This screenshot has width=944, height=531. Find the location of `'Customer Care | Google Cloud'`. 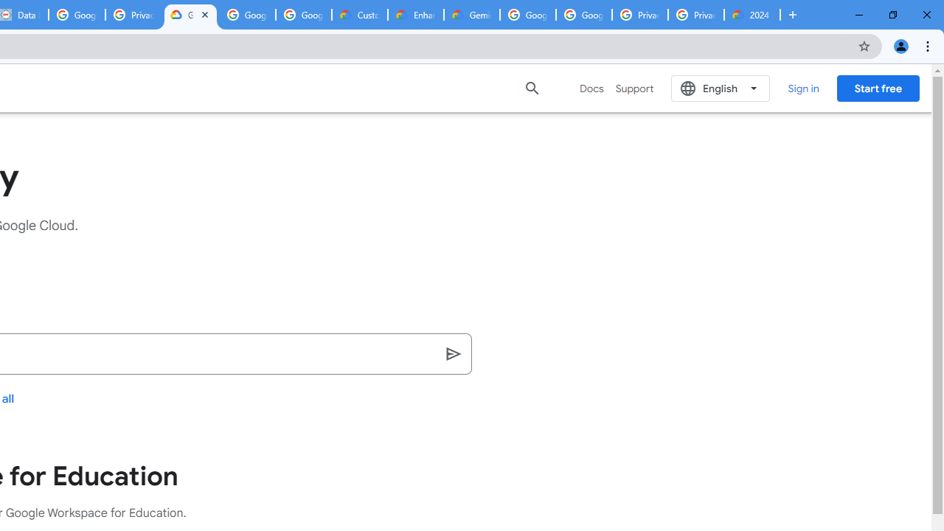

'Customer Care | Google Cloud' is located at coordinates (360, 15).